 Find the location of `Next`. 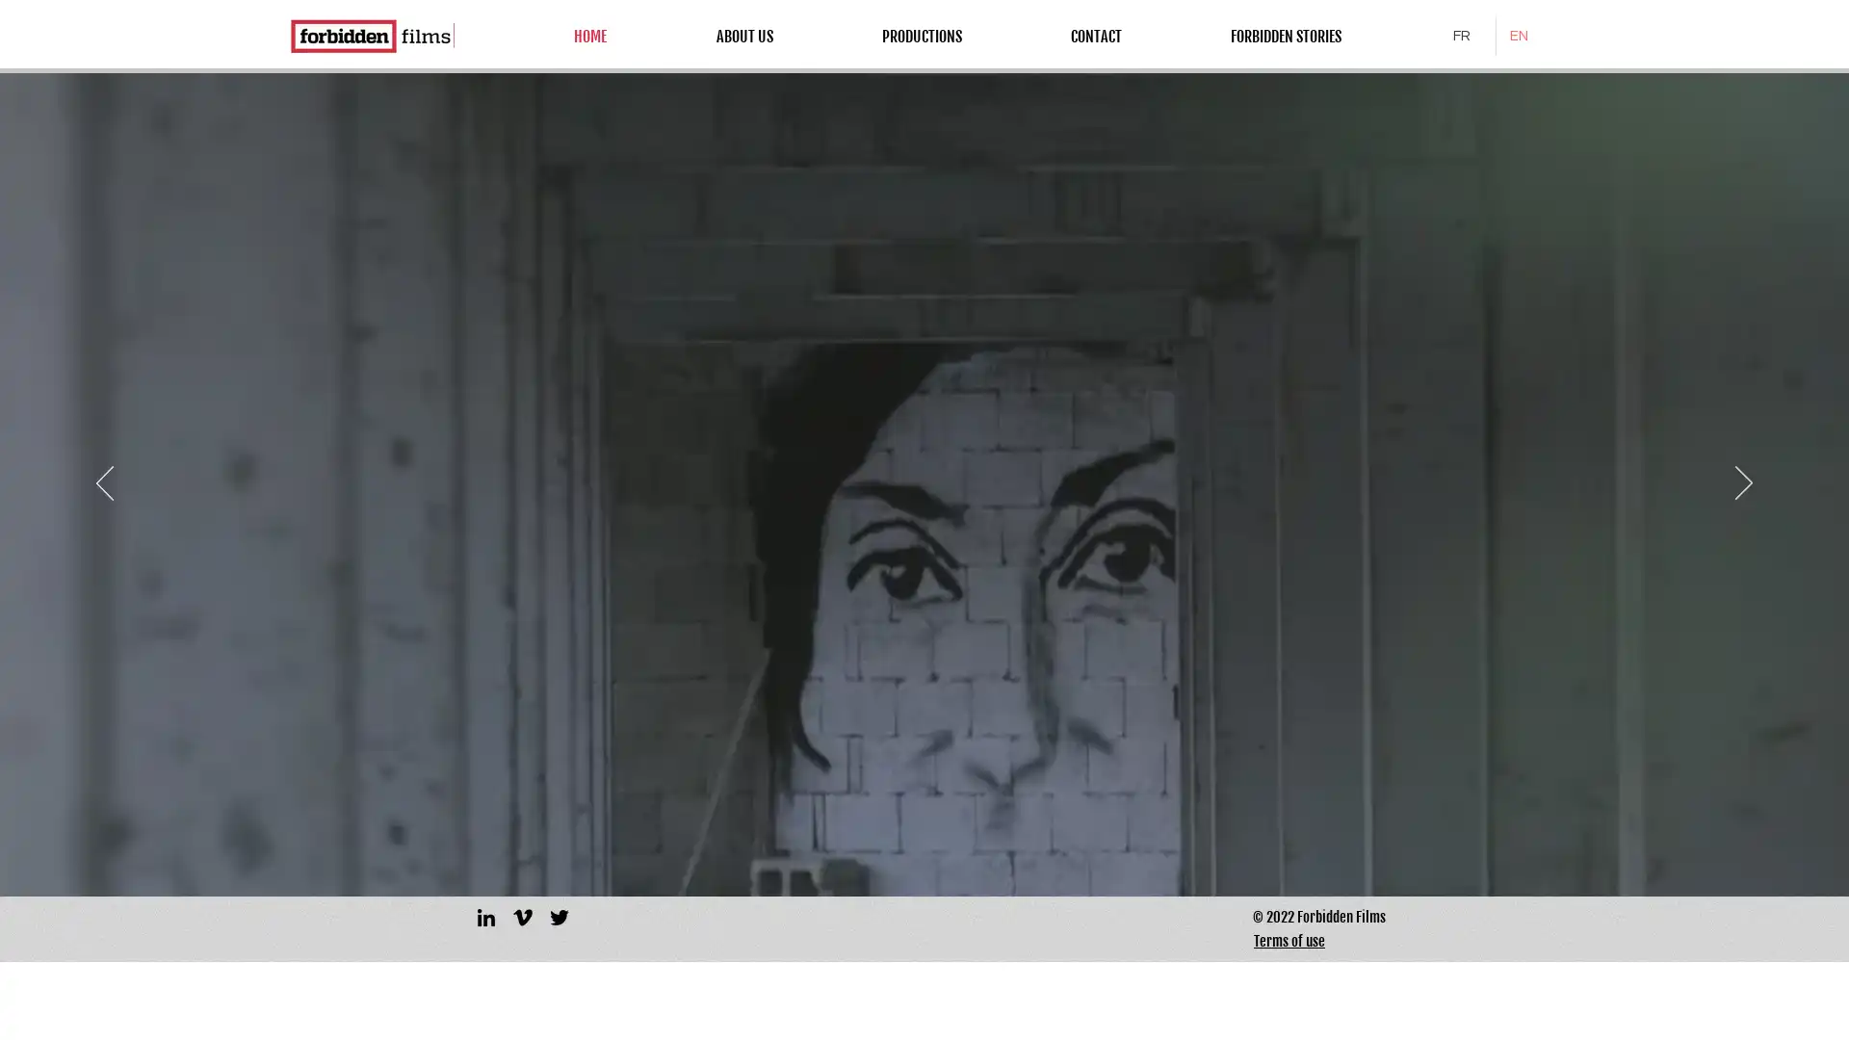

Next is located at coordinates (1743, 482).